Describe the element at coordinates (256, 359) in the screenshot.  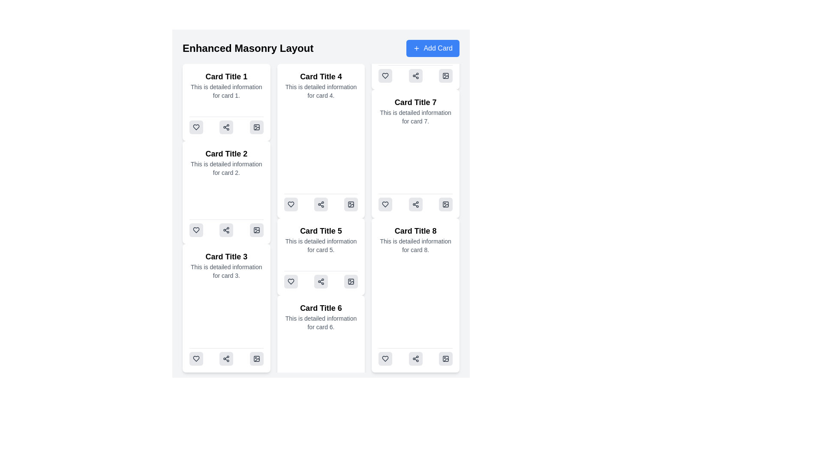
I see `the square icon with rounded corners located at the bottom-right corner of 'Card Title 3'` at that location.